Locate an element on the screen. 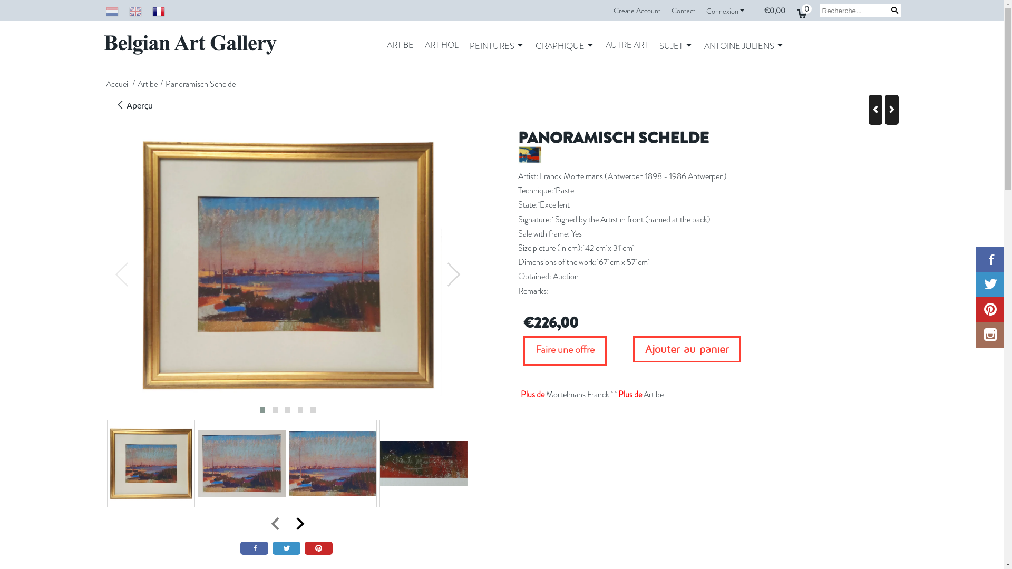 The height and width of the screenshot is (569, 1012). 'Connexion' is located at coordinates (725, 11).